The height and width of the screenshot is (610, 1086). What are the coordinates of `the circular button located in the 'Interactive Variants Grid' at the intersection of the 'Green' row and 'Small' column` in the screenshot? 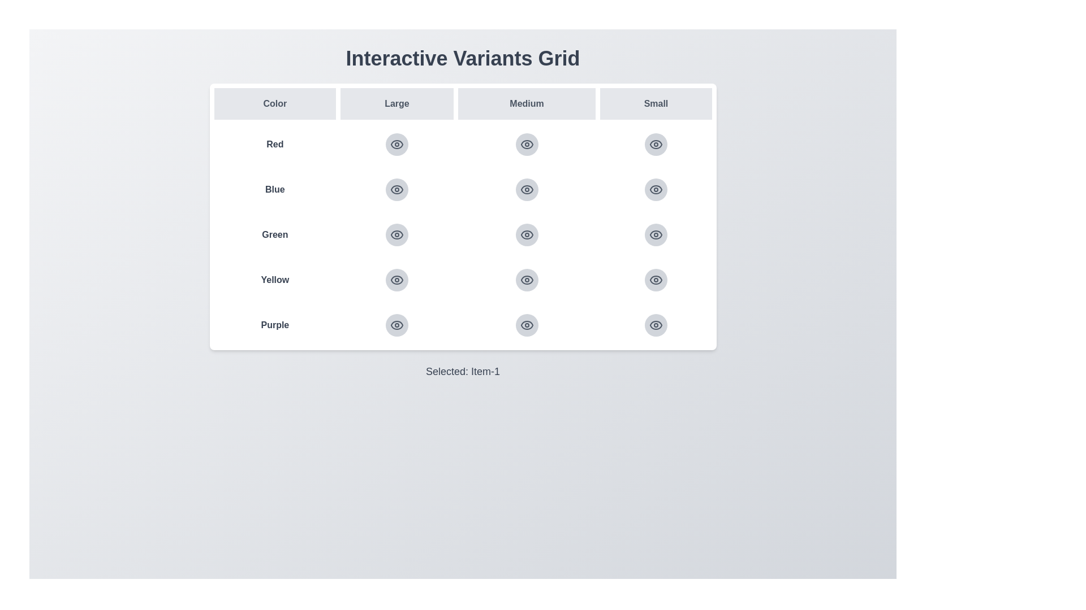 It's located at (656, 234).